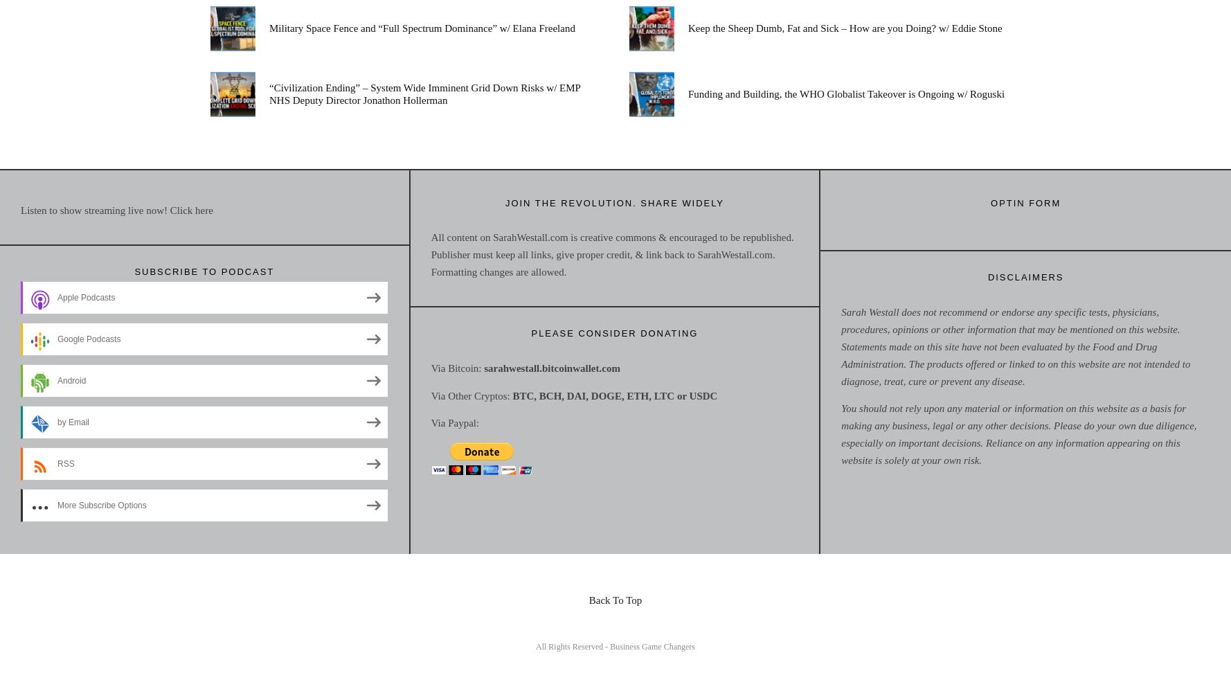  I want to click on 'Military Space Fence and “Full Spectrum Dominance” w/ Elana Freeland', so click(421, 27).